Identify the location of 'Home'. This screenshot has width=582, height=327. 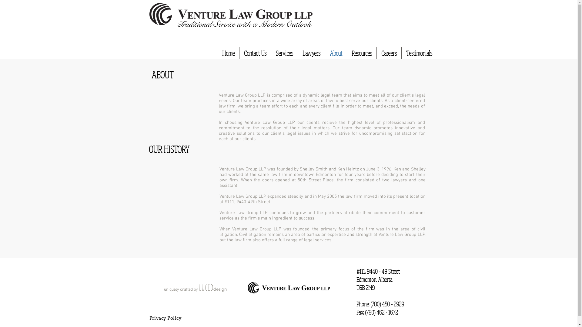
(228, 52).